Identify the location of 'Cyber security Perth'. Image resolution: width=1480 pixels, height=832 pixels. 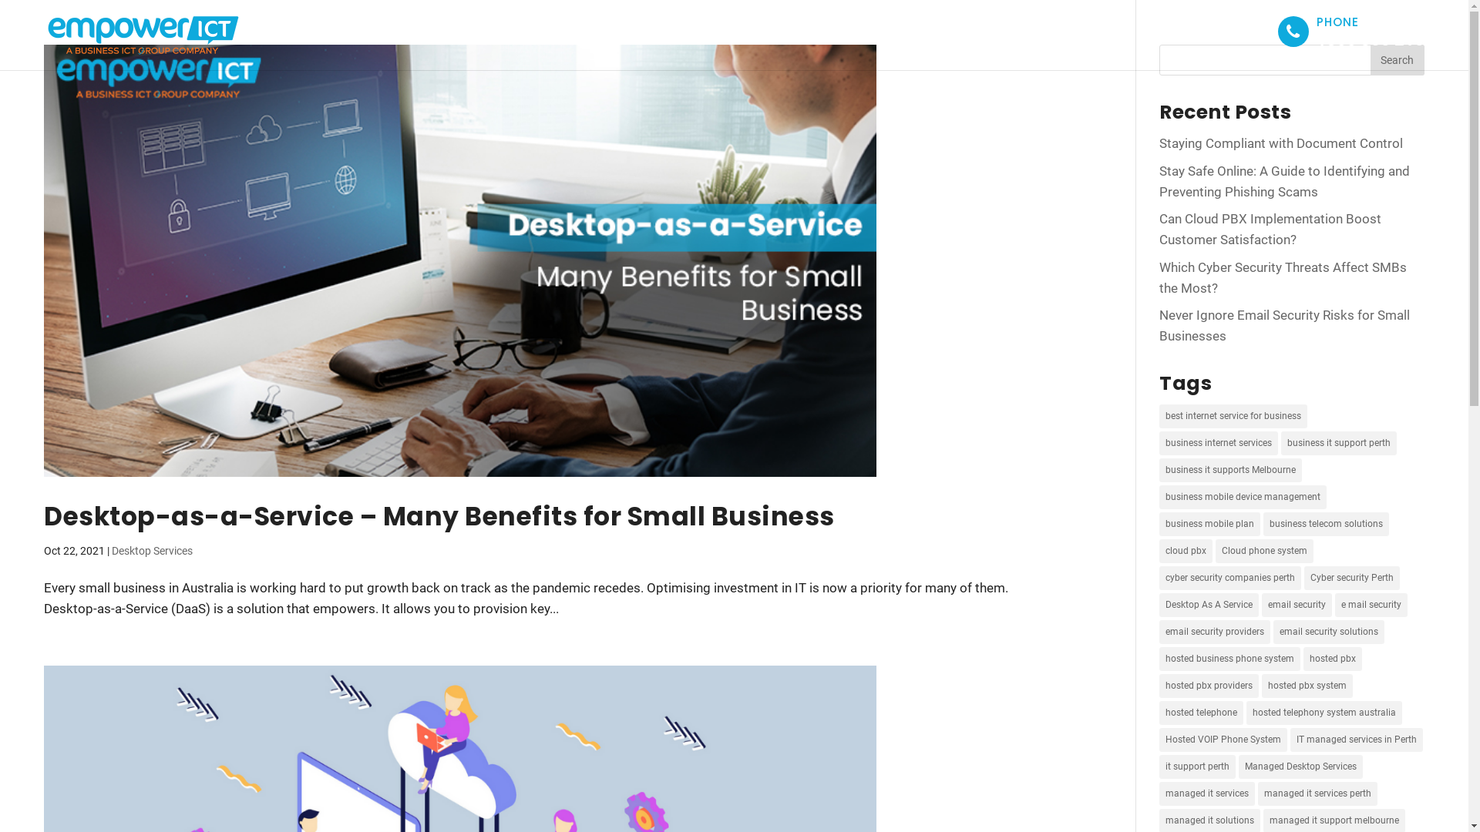
(1350, 578).